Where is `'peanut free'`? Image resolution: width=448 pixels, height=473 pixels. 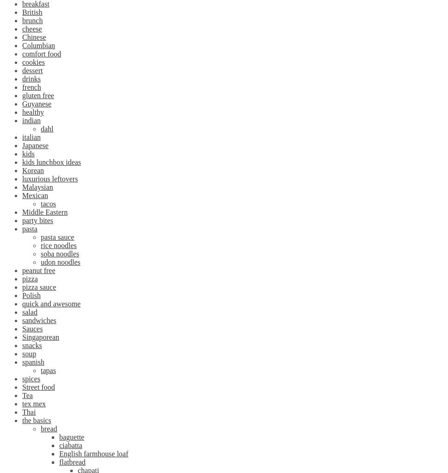 'peanut free' is located at coordinates (22, 270).